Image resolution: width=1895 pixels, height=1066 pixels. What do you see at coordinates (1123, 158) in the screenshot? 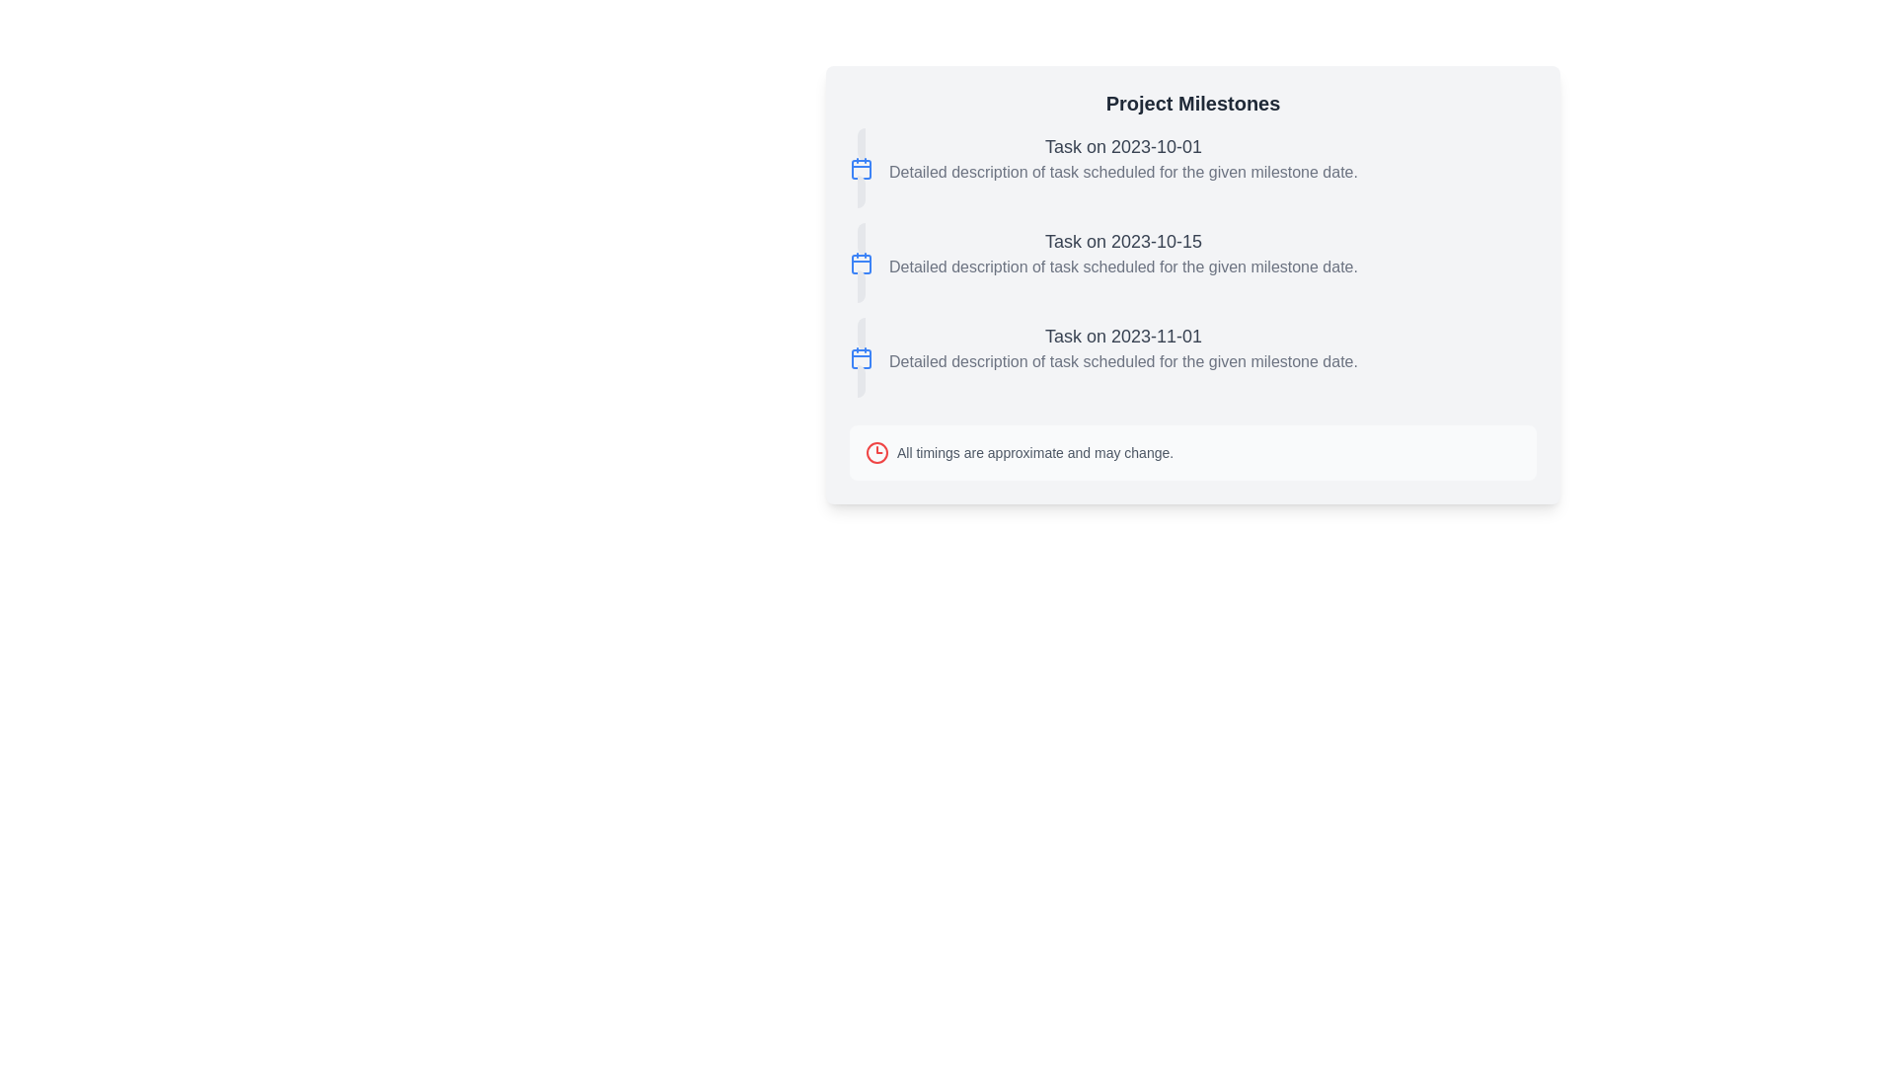
I see `the Text block with a title and description located at the top of the vertical list under 'Project Milestones', positioned beneath the small calendar icon` at bounding box center [1123, 158].